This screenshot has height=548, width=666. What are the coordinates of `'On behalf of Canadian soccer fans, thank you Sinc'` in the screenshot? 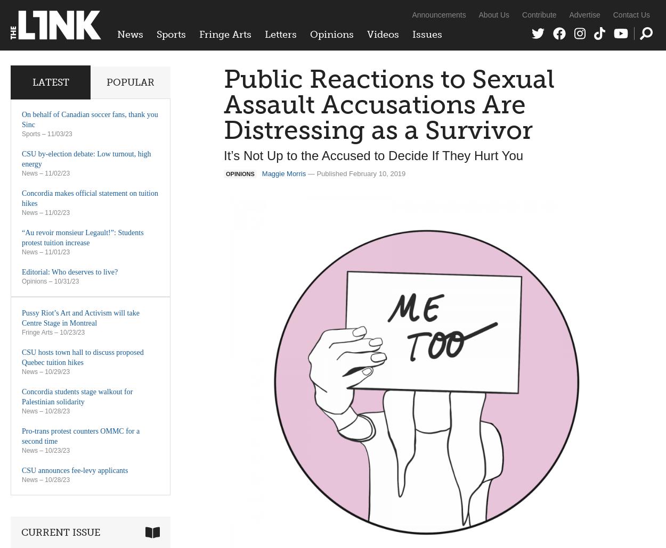 It's located at (90, 119).